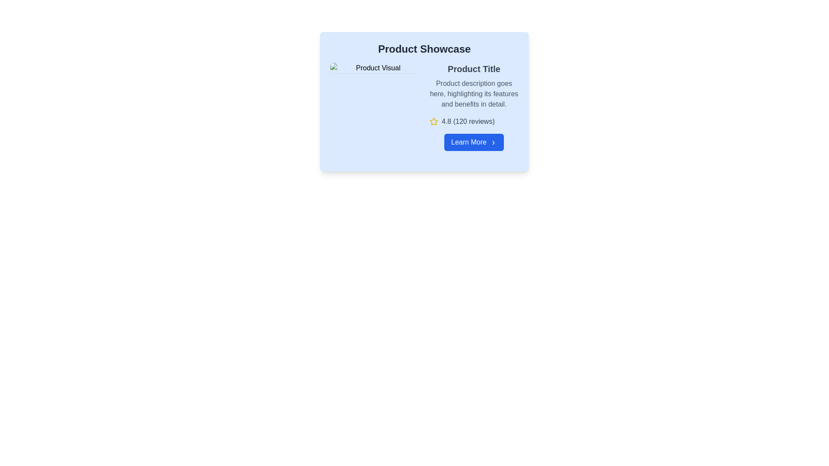 The width and height of the screenshot is (829, 466). What do you see at coordinates (468, 121) in the screenshot?
I see `text component displaying '4.8 (120 reviews)', which is styled in gray and located to the right of a yellow star icon` at bounding box center [468, 121].